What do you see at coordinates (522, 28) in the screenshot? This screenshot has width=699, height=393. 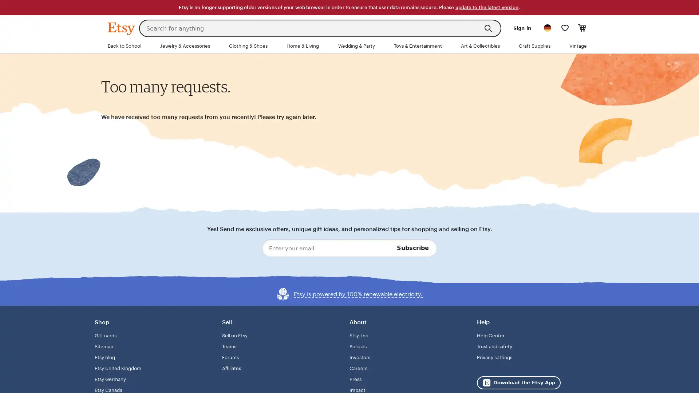 I see `Sign in` at bounding box center [522, 28].